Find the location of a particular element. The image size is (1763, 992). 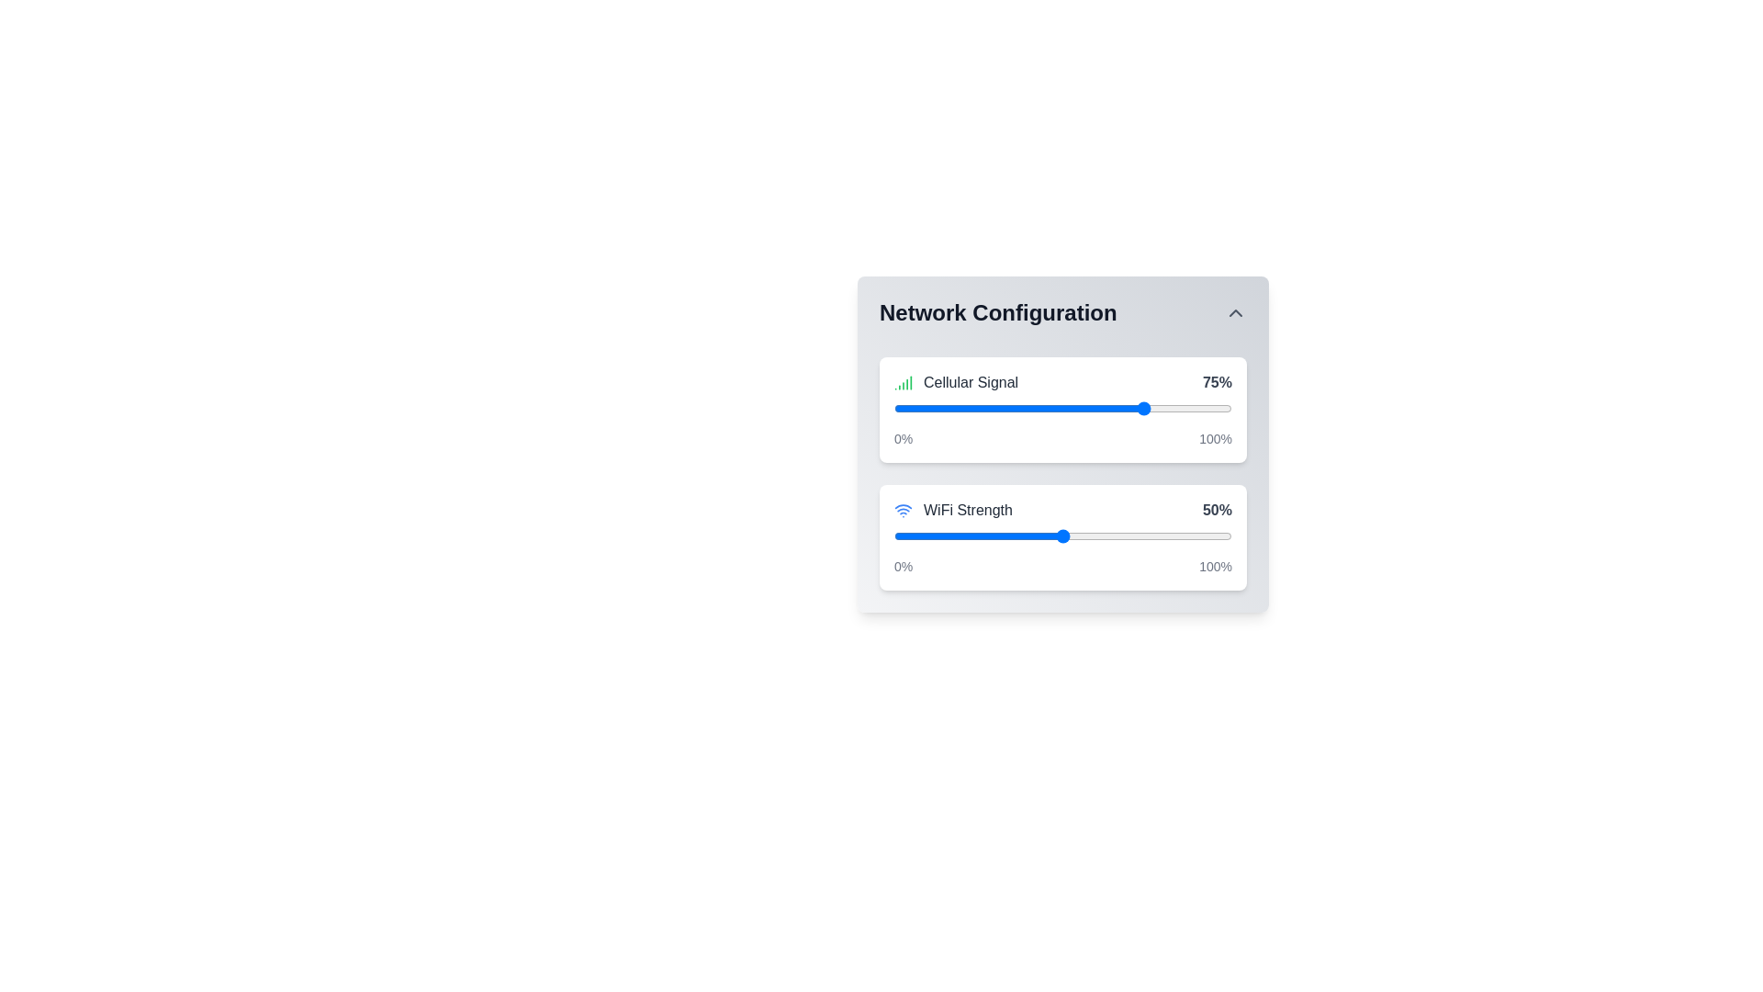

the static text element indicating range endpoints for the 'Cellular Signal' slider, which displays '0%' and '100%' is located at coordinates (1062, 439).